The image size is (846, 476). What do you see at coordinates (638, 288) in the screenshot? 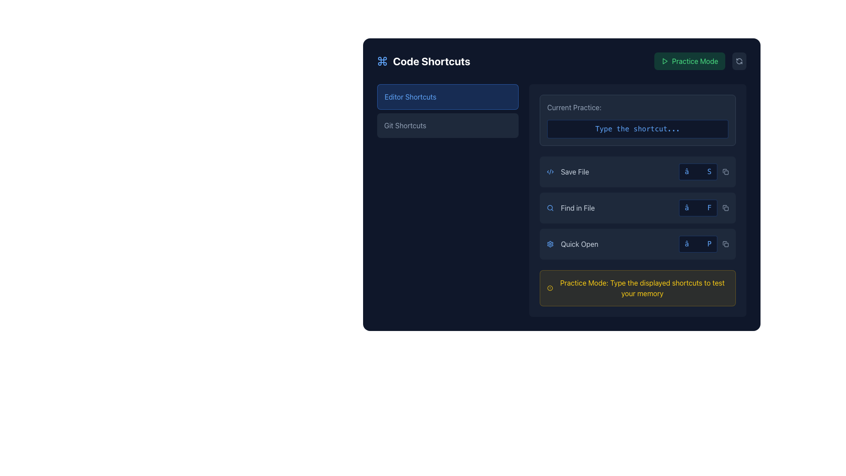
I see `the informational text labeled 'Practice Mode: Type the displayed shortcuts to test your memory', which is styled with yellow font and a yellow border, located at the bottom-right segment of the interface` at bounding box center [638, 288].